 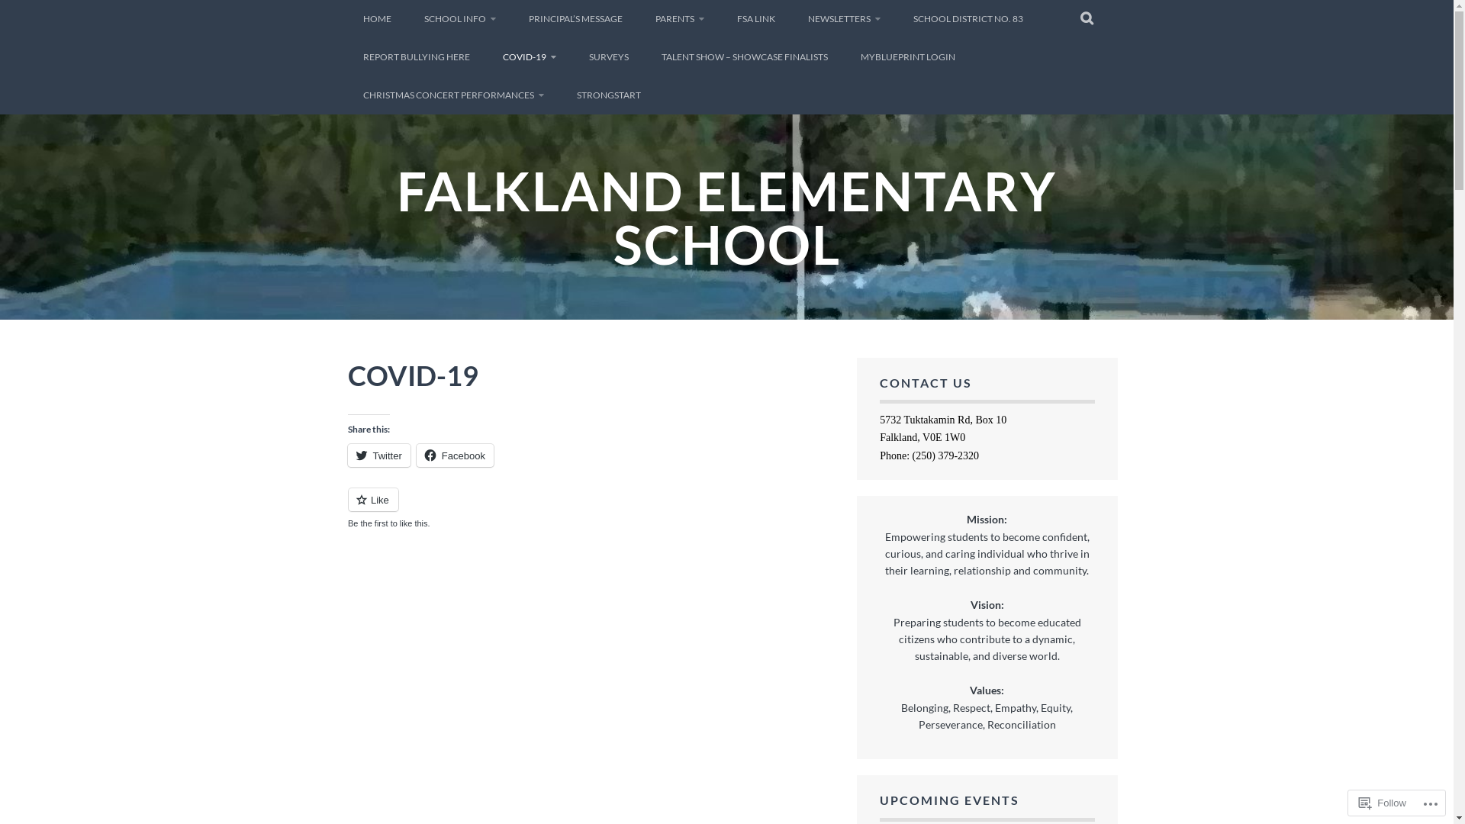 I want to click on 'SCHOOL DISTRICT NO. 83', so click(x=966, y=18).